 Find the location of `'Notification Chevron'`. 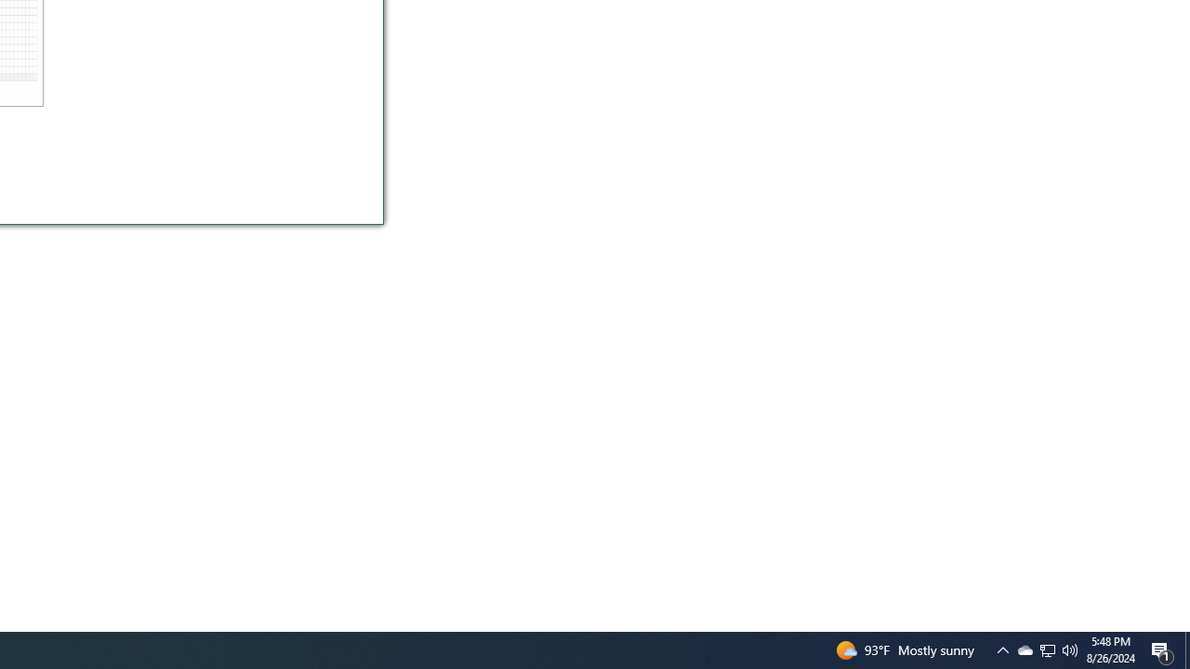

'Notification Chevron' is located at coordinates (1002, 649).